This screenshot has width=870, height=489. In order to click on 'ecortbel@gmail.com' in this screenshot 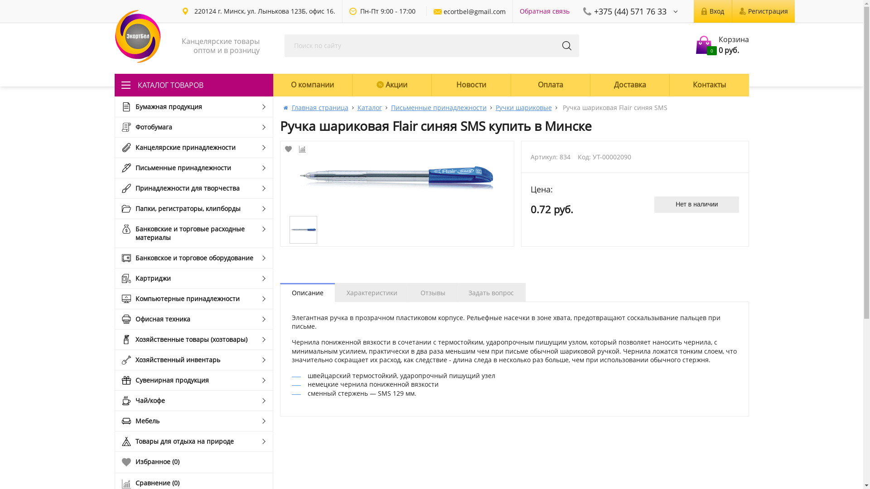, I will do `click(469, 12)`.